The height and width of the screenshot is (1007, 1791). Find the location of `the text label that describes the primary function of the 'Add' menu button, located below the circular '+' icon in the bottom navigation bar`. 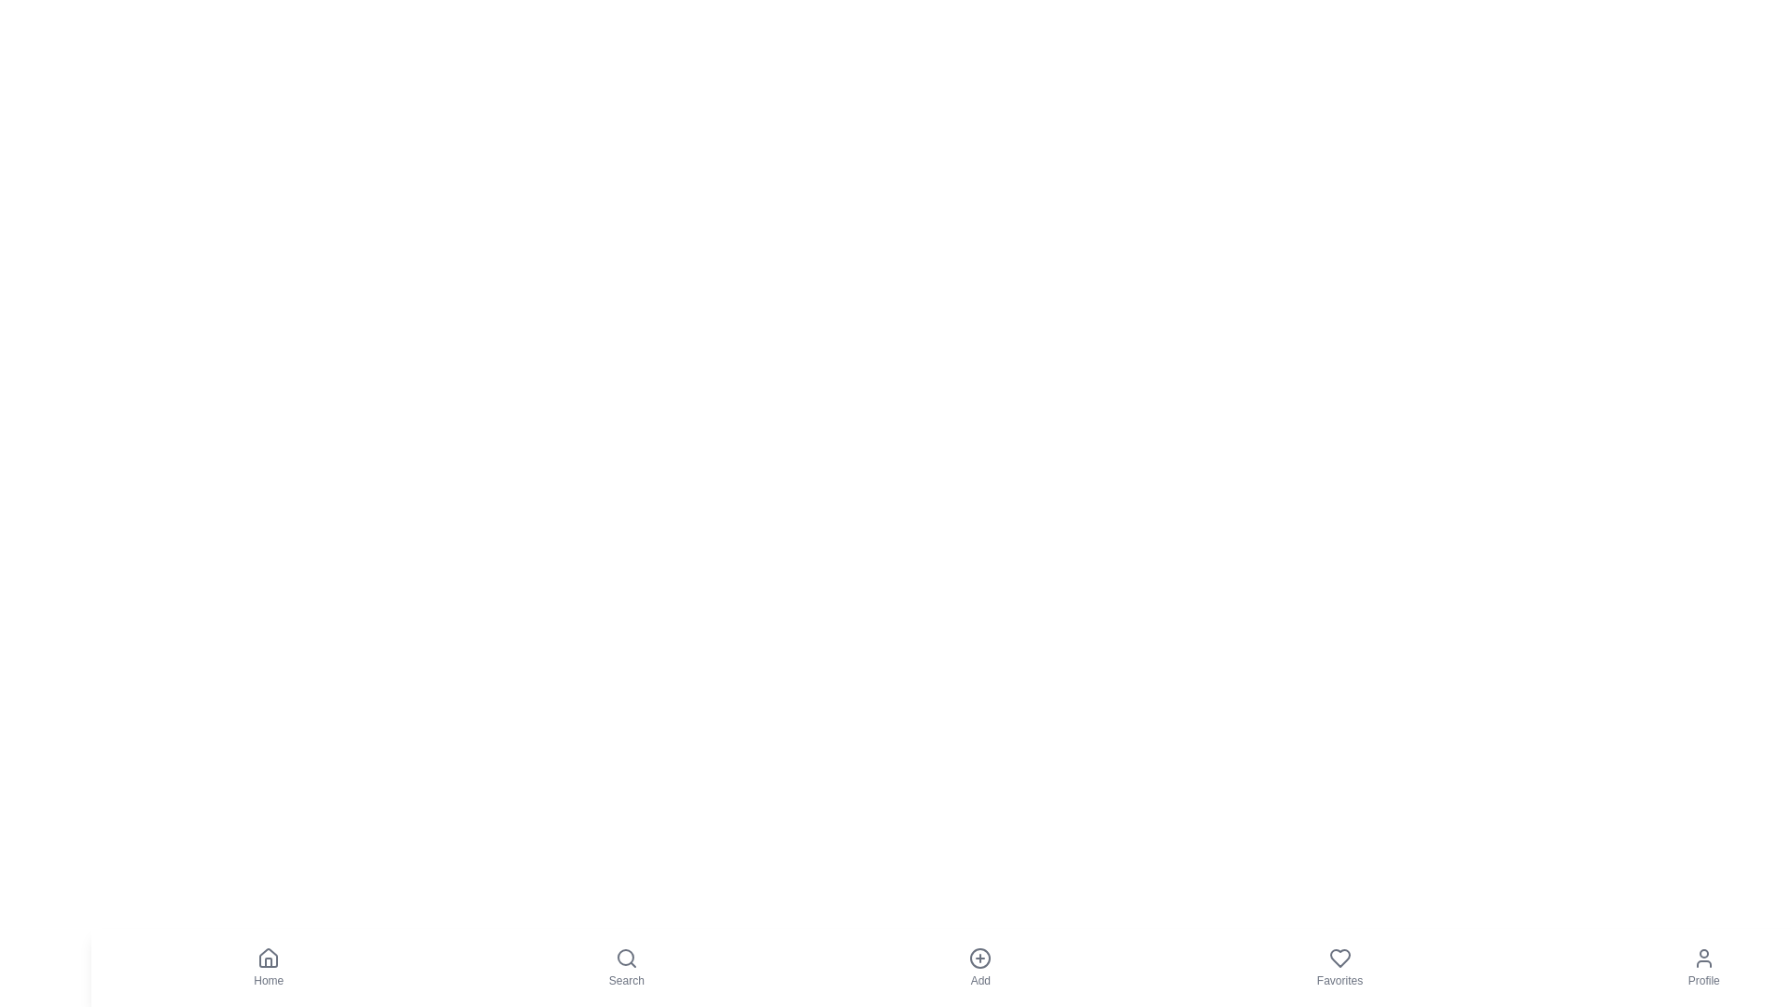

the text label that describes the primary function of the 'Add' menu button, located below the circular '+' icon in the bottom navigation bar is located at coordinates (979, 980).